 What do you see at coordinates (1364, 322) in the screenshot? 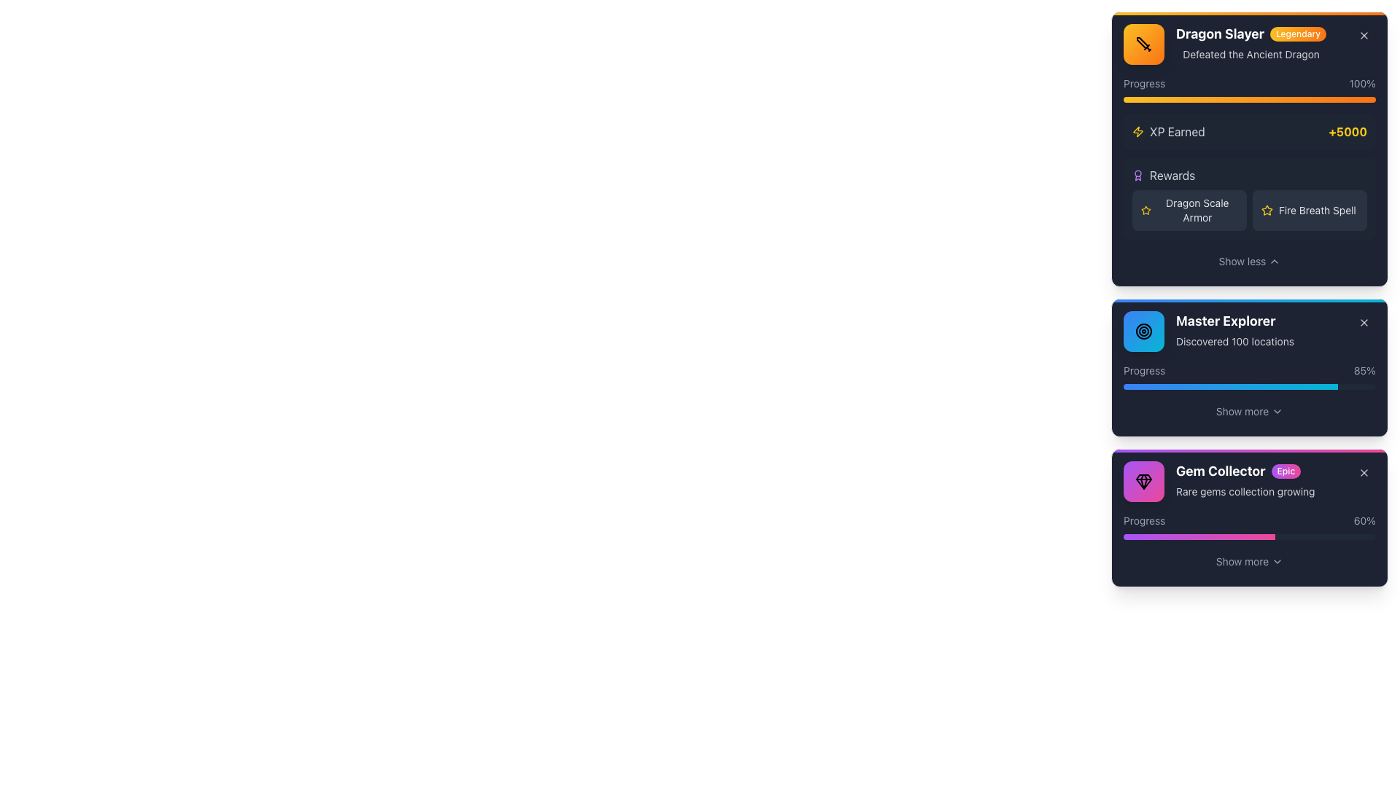
I see `the close button located in the top-right corner of the 'Master Explorer' section` at bounding box center [1364, 322].